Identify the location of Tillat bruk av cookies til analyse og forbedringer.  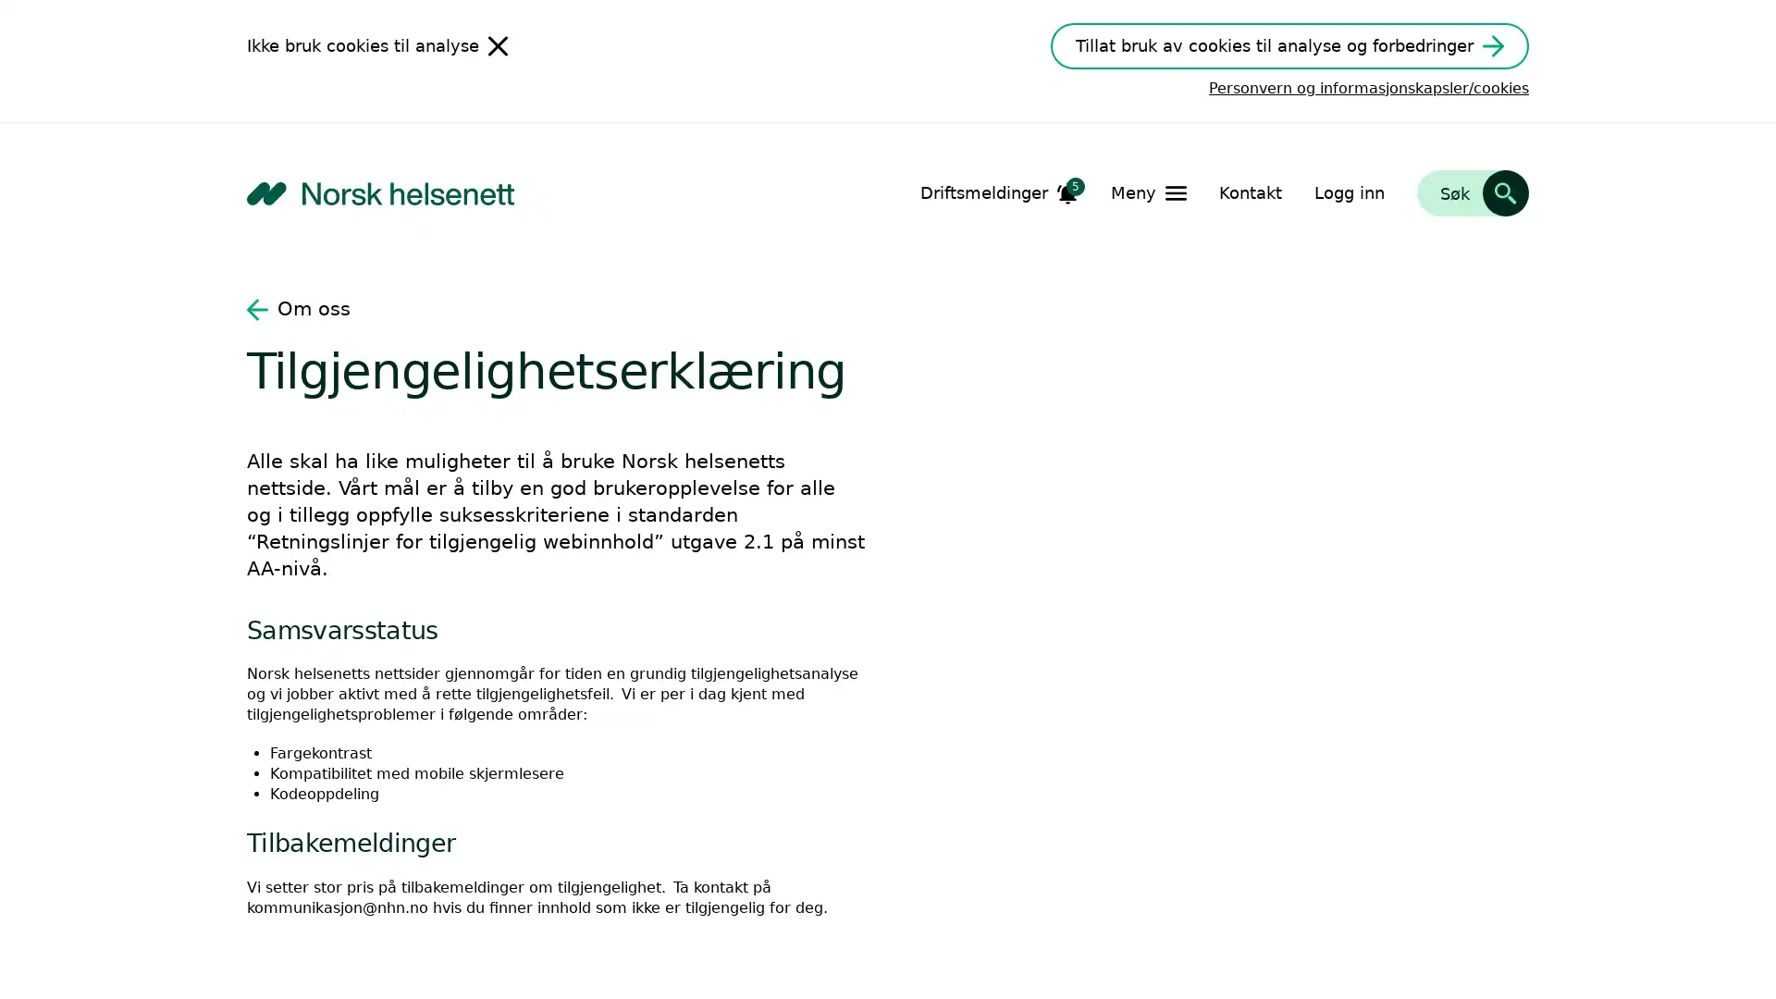
(1289, 45).